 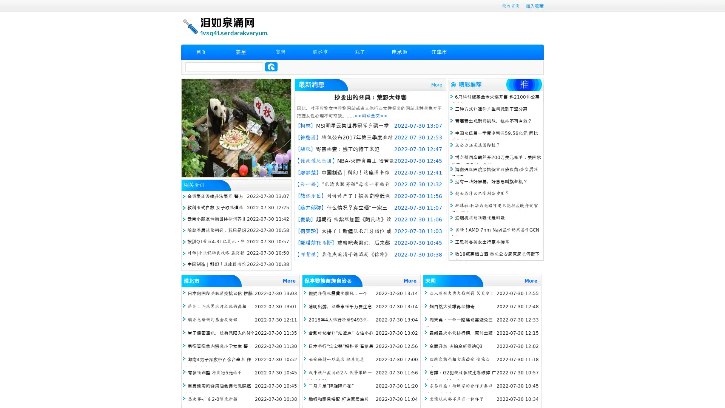 What do you see at coordinates (271, 66) in the screenshot?
I see `Search` at bounding box center [271, 66].